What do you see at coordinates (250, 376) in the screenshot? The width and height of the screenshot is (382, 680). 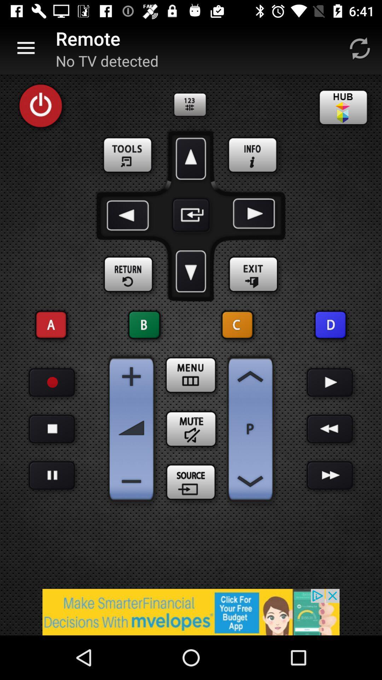 I see `the expand_less icon` at bounding box center [250, 376].